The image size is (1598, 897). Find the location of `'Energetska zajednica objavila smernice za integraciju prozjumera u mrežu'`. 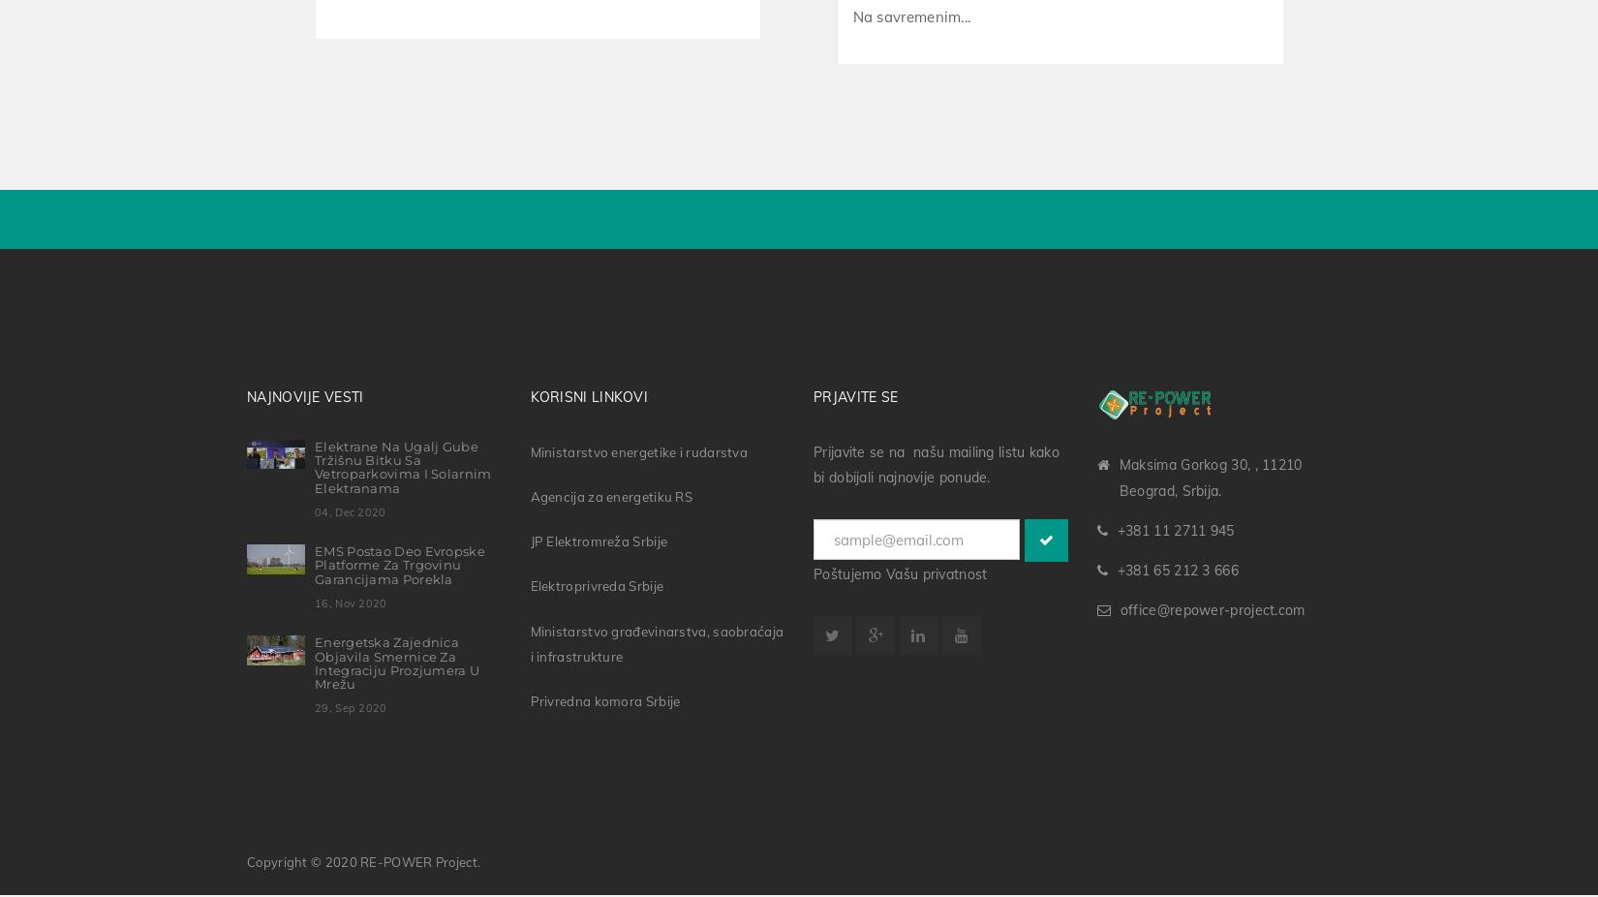

'Energetska zajednica objavila smernice za integraciju prozjumera u mrežu' is located at coordinates (397, 658).